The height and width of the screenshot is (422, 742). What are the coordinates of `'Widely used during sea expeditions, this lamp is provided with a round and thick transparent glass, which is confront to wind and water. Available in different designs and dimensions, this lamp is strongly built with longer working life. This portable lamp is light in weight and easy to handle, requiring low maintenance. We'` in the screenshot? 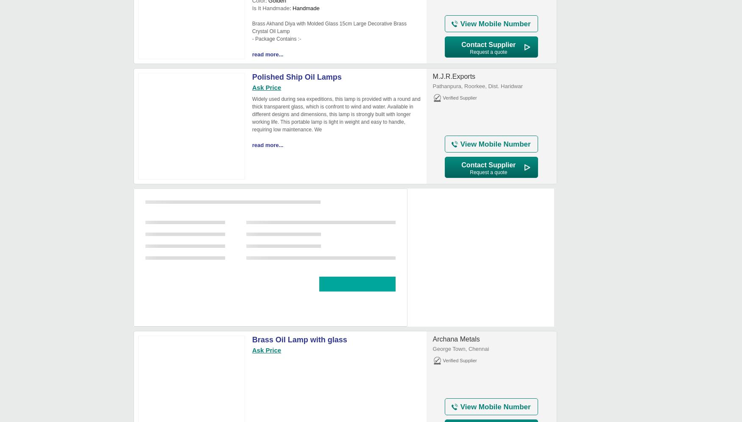 It's located at (335, 114).